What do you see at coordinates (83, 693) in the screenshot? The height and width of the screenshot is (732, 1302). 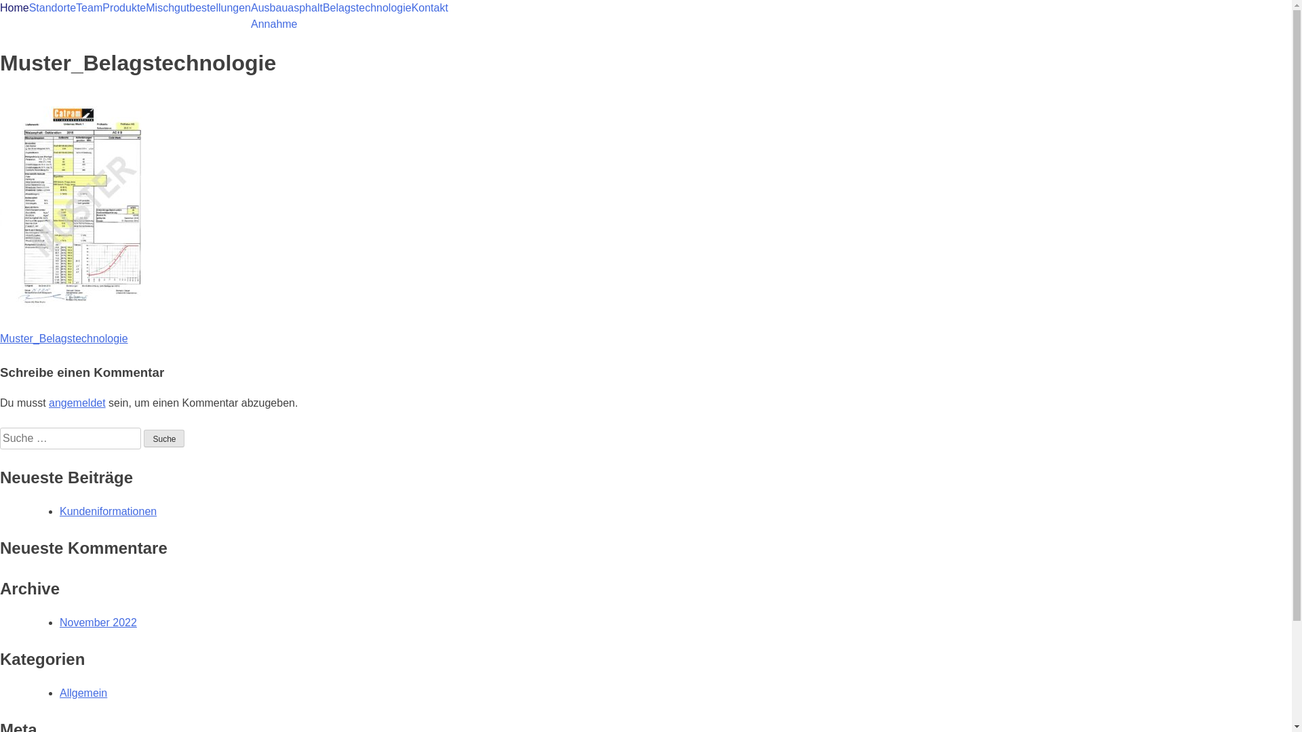 I see `'Allgemein'` at bounding box center [83, 693].